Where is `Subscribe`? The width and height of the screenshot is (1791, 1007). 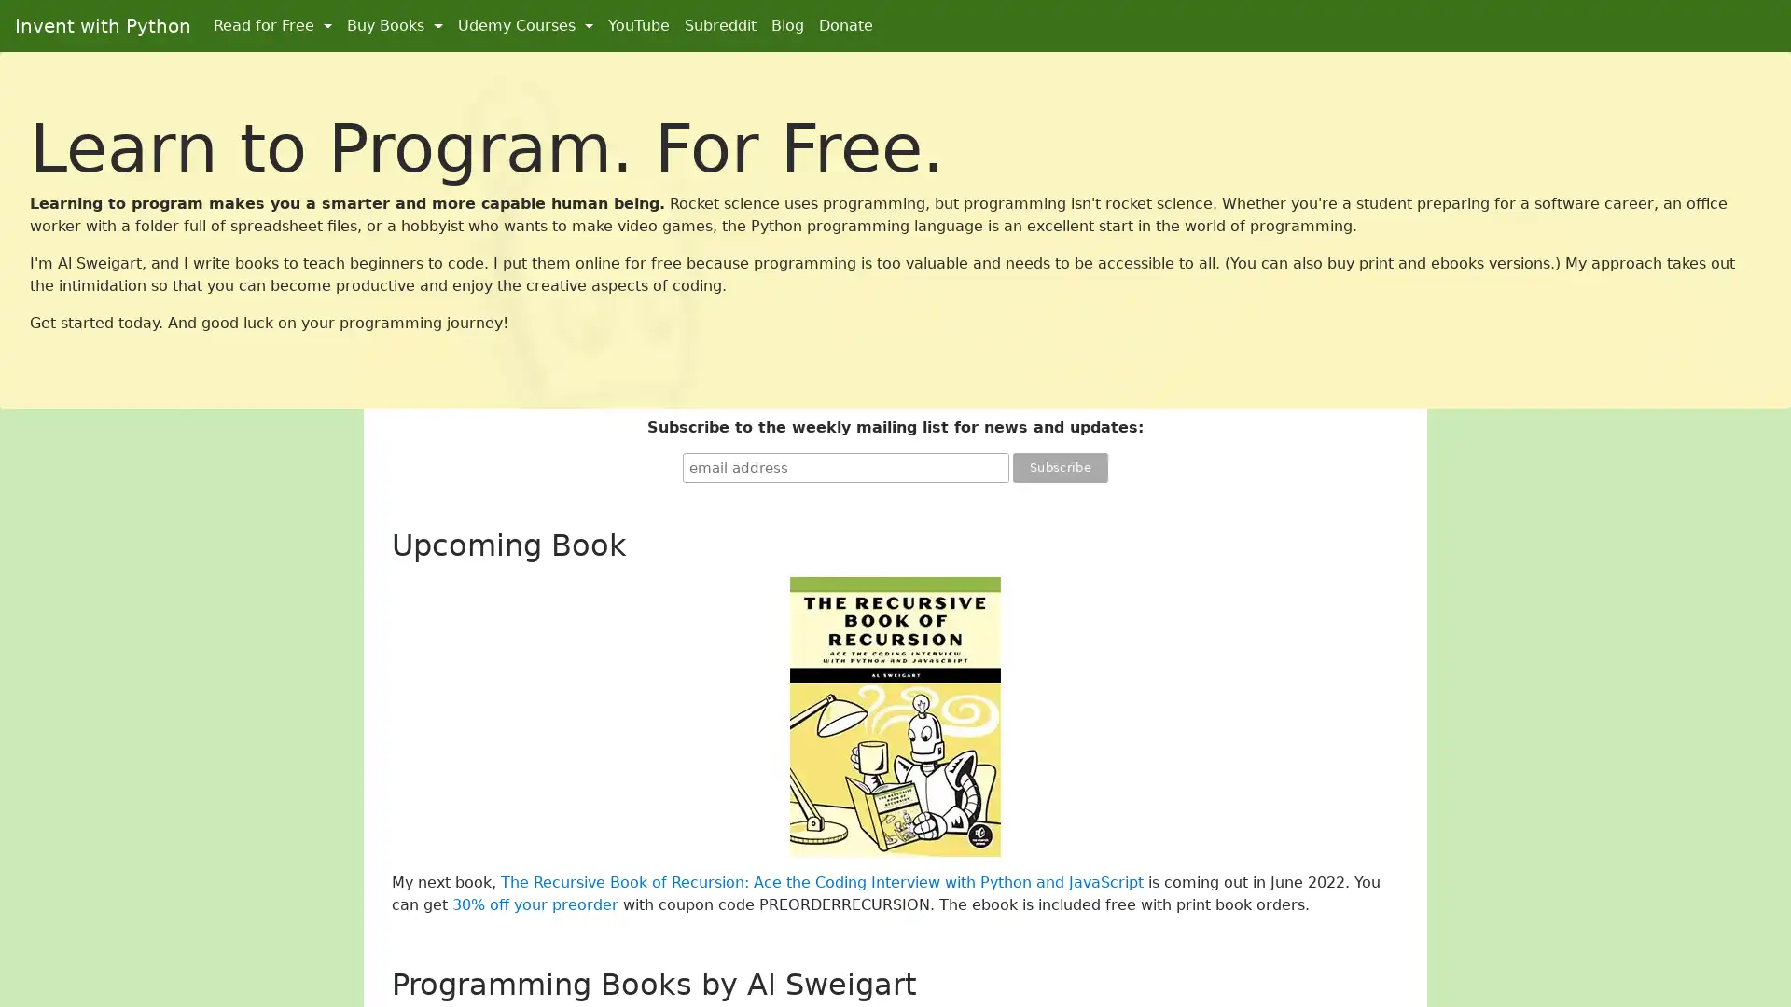
Subscribe is located at coordinates (1060, 466).